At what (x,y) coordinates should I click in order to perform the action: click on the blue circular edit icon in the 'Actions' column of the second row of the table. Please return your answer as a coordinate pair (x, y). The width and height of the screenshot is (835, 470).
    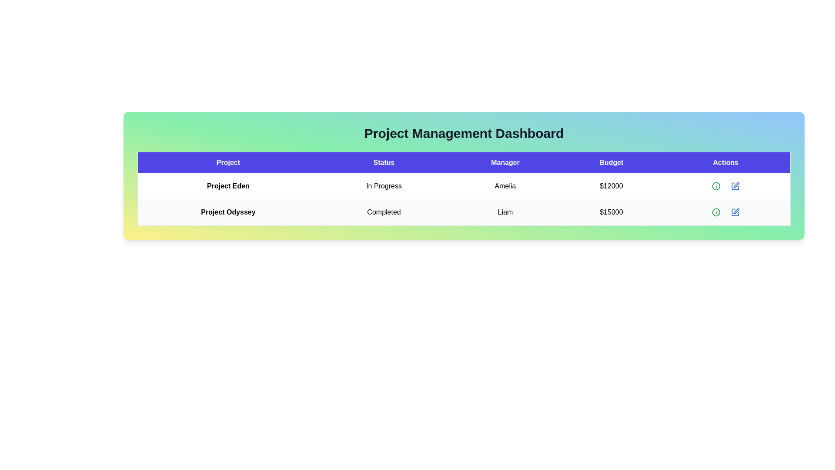
    Looking at the image, I should click on (735, 186).